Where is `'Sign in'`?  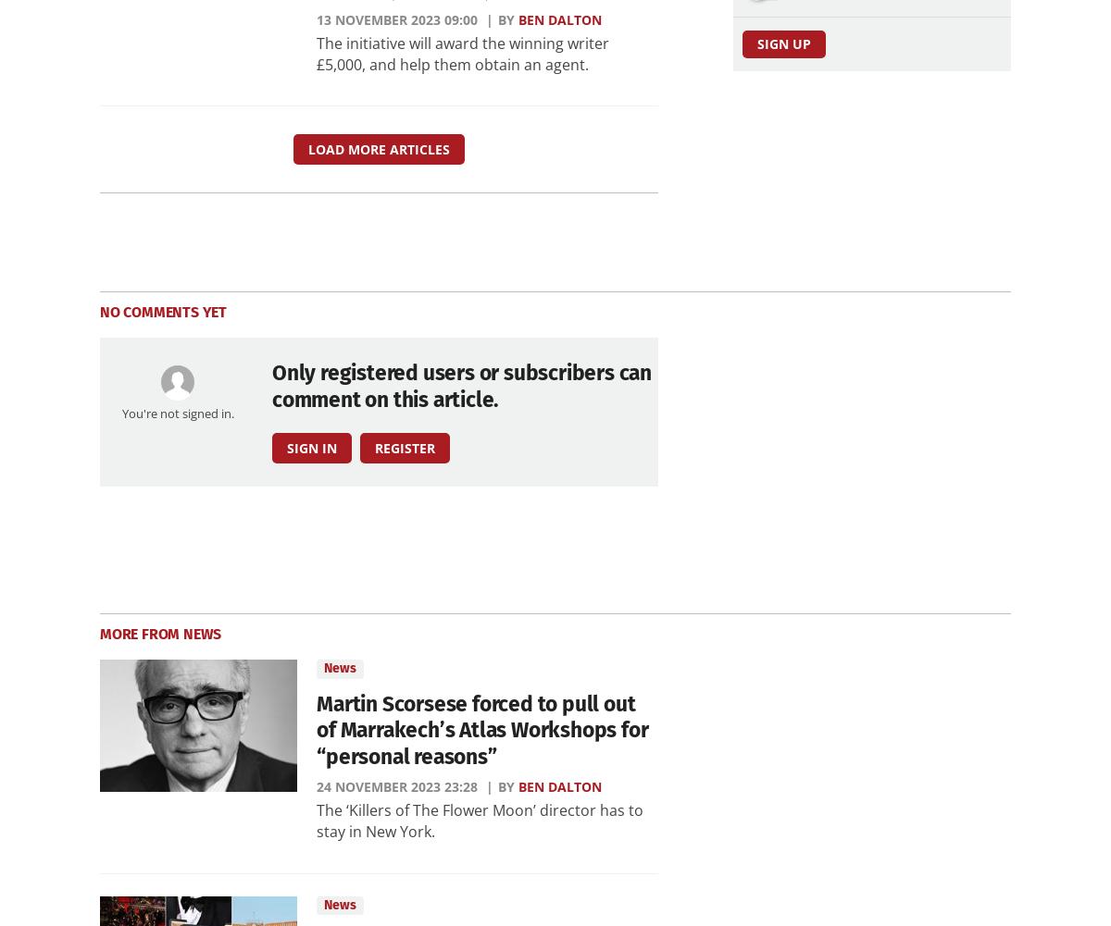
'Sign in' is located at coordinates (286, 447).